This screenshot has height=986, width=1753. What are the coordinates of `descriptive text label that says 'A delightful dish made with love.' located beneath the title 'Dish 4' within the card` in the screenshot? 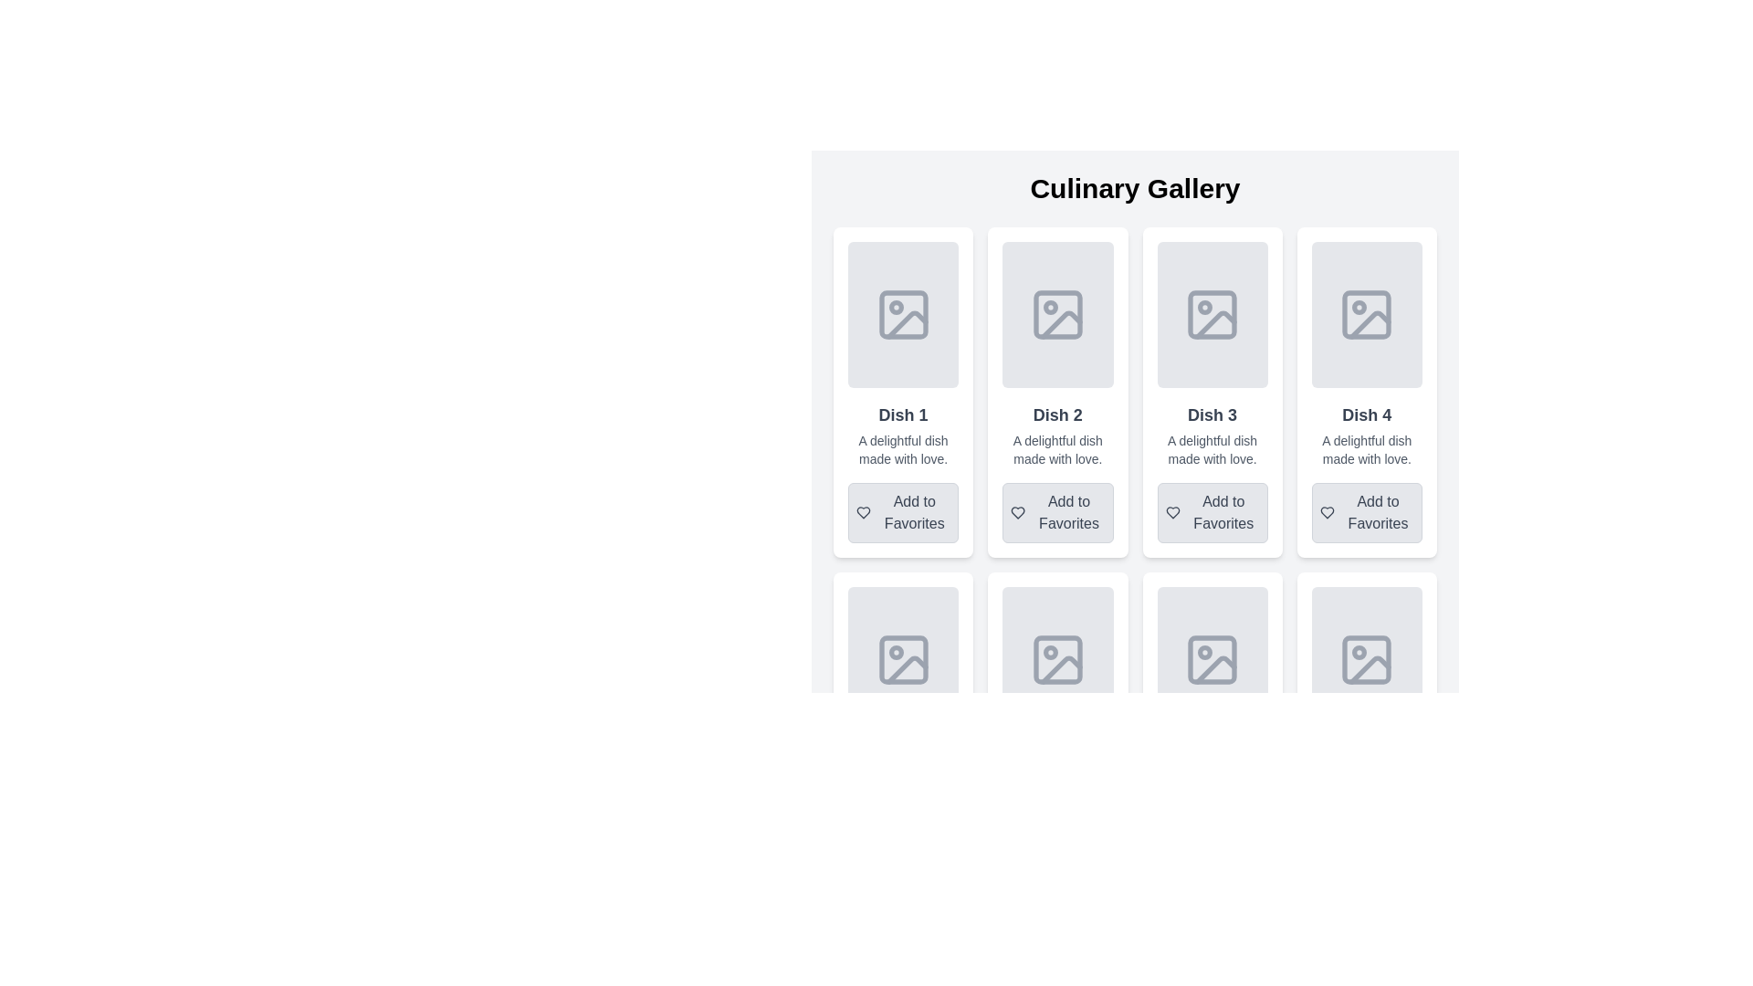 It's located at (1367, 450).